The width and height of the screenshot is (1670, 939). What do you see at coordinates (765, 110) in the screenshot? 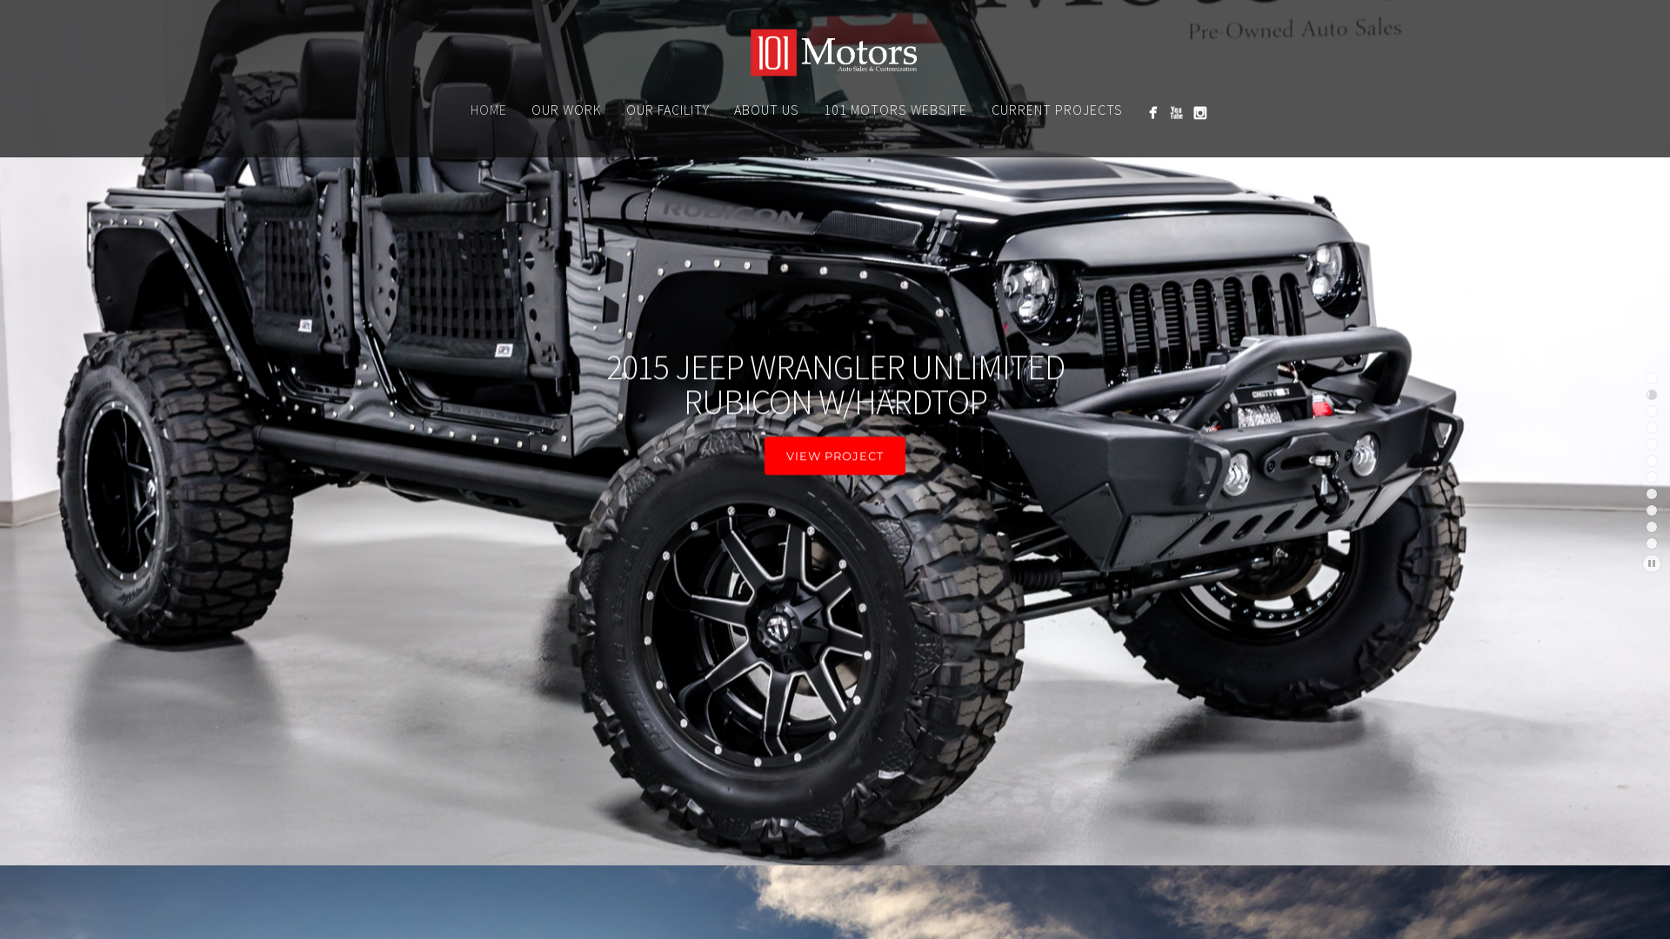
I see `'ABOUT US'` at bounding box center [765, 110].